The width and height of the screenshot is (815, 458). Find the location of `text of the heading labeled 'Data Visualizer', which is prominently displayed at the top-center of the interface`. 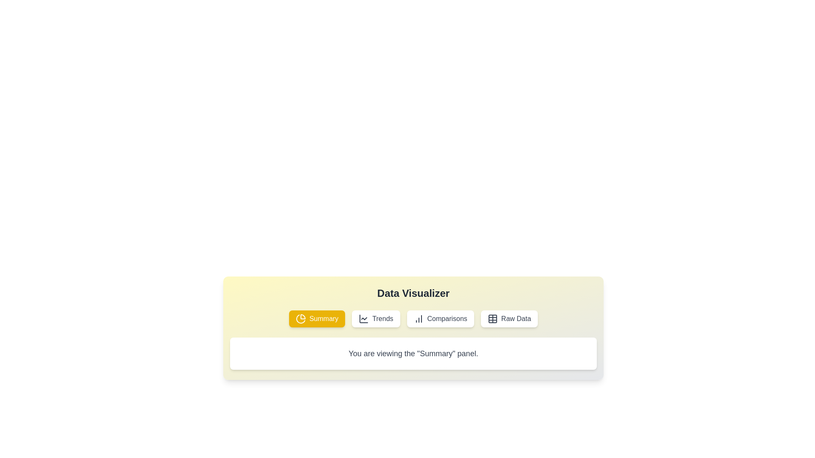

text of the heading labeled 'Data Visualizer', which is prominently displayed at the top-center of the interface is located at coordinates (413, 293).